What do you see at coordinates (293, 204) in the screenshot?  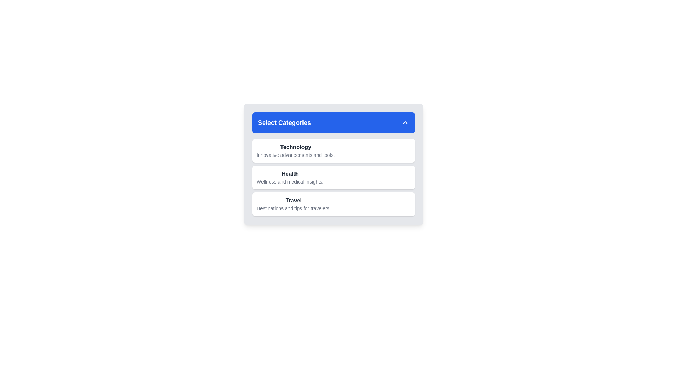 I see `the 'Travel' category item in the category list` at bounding box center [293, 204].